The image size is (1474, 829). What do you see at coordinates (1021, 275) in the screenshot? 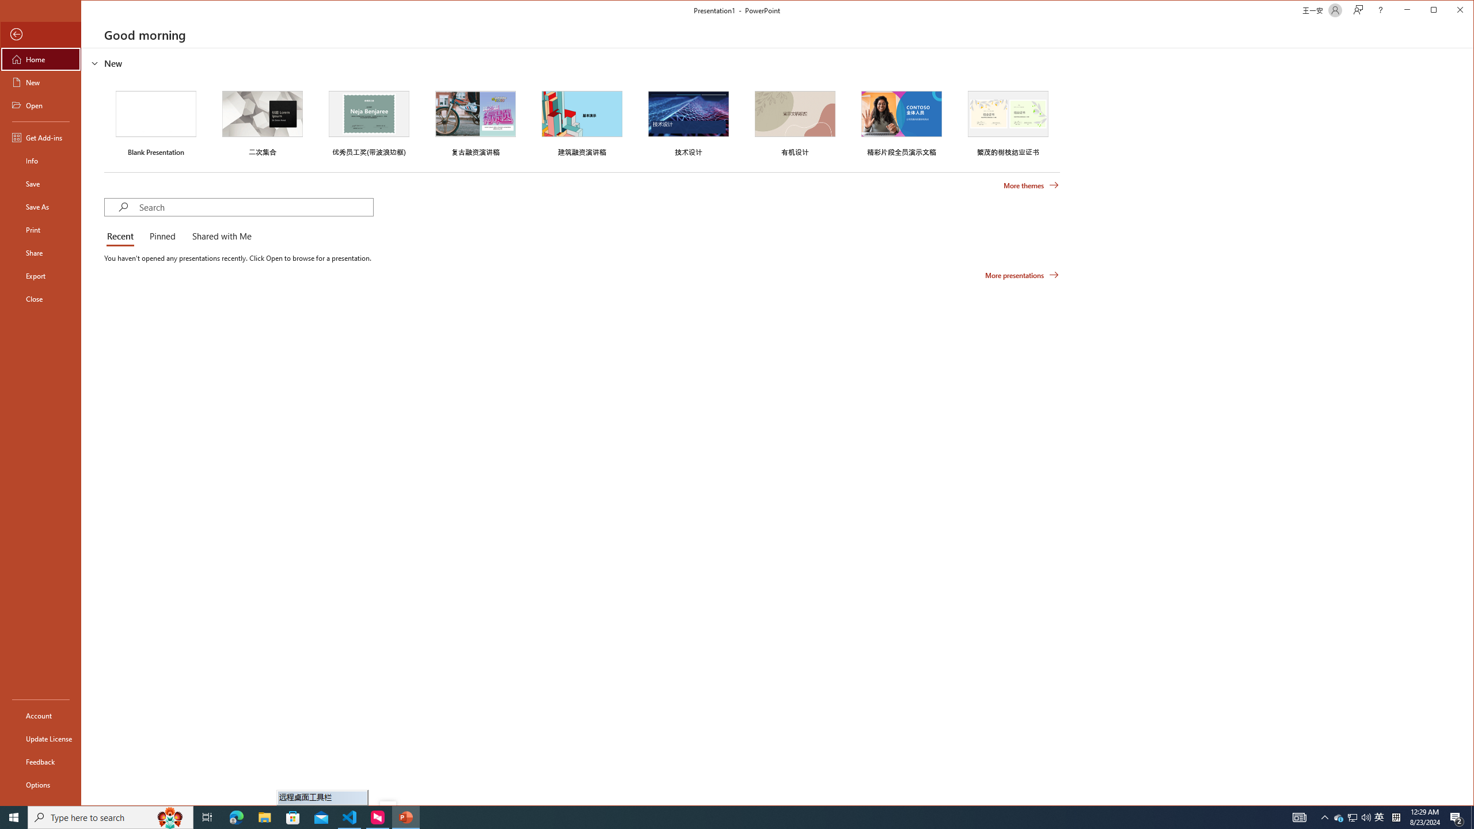
I see `'More presentations'` at bounding box center [1021, 275].